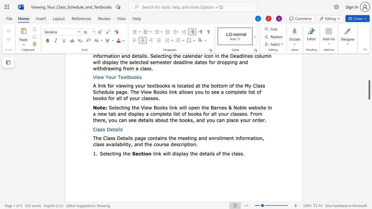 This screenshot has width=372, height=209. Describe the element at coordinates (369, 64) in the screenshot. I see `the scrollbar` at that location.